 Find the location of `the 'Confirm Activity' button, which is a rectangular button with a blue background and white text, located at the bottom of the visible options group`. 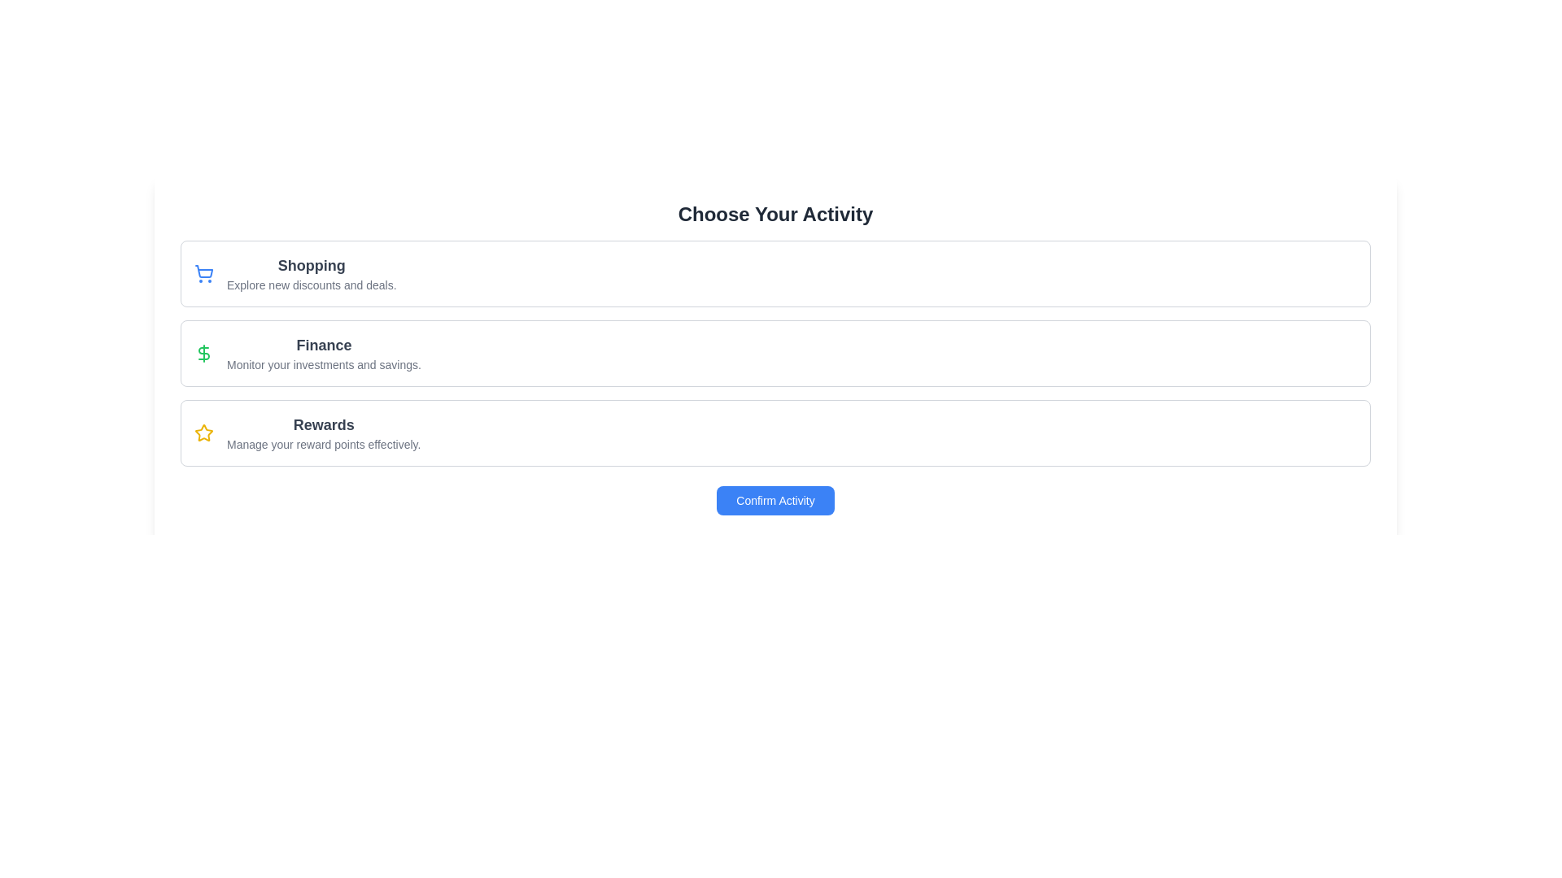

the 'Confirm Activity' button, which is a rectangular button with a blue background and white text, located at the bottom of the visible options group is located at coordinates (774, 500).